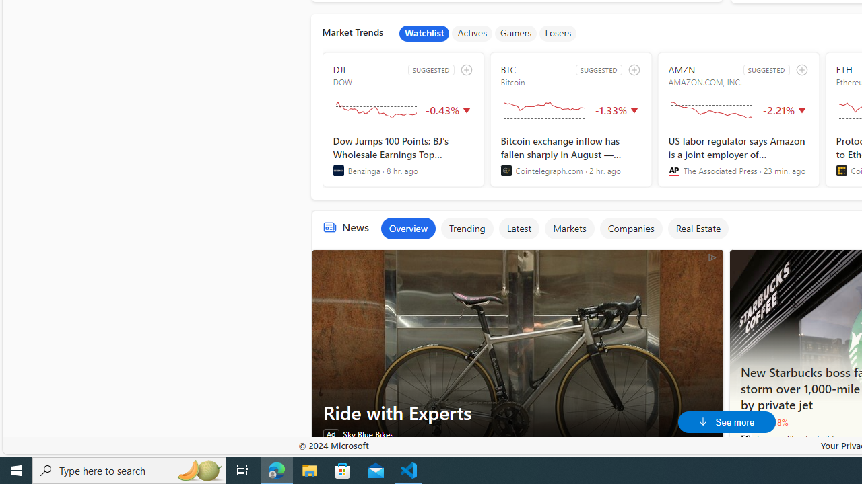  What do you see at coordinates (467, 227) in the screenshot?
I see `'Trending'` at bounding box center [467, 227].